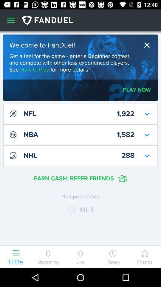 The width and height of the screenshot is (161, 287). I want to click on the icon to the right of the welcome to fanduel! item, so click(148, 45).